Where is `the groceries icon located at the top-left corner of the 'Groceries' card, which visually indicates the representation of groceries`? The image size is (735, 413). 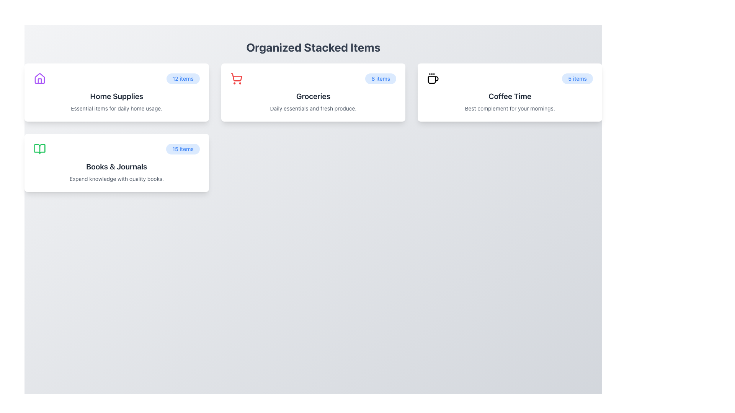 the groceries icon located at the top-left corner of the 'Groceries' card, which visually indicates the representation of groceries is located at coordinates (236, 78).